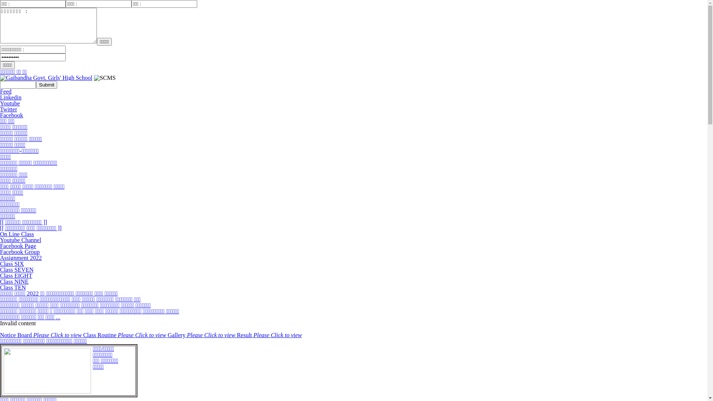 The height and width of the screenshot is (401, 713). What do you see at coordinates (17, 234) in the screenshot?
I see `'On Line Class'` at bounding box center [17, 234].